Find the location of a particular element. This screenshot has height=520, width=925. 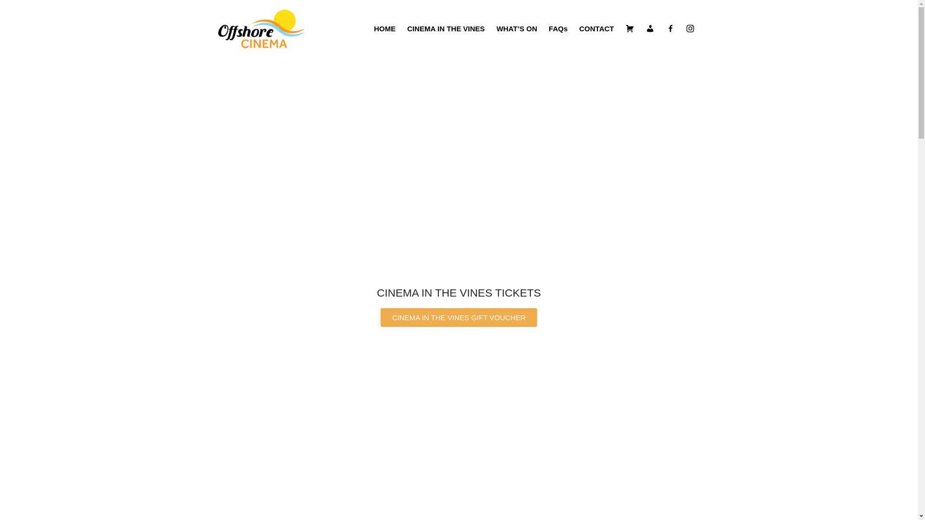

'Account' is located at coordinates (640, 28).